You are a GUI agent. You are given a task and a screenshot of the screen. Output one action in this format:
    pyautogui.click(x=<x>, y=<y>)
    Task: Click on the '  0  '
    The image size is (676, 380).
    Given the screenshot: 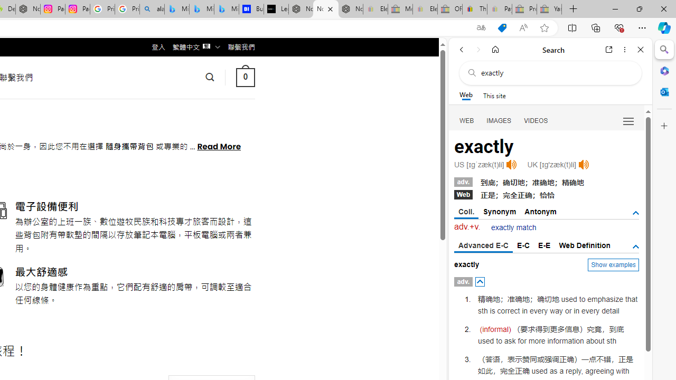 What is the action you would take?
    pyautogui.click(x=245, y=77)
    